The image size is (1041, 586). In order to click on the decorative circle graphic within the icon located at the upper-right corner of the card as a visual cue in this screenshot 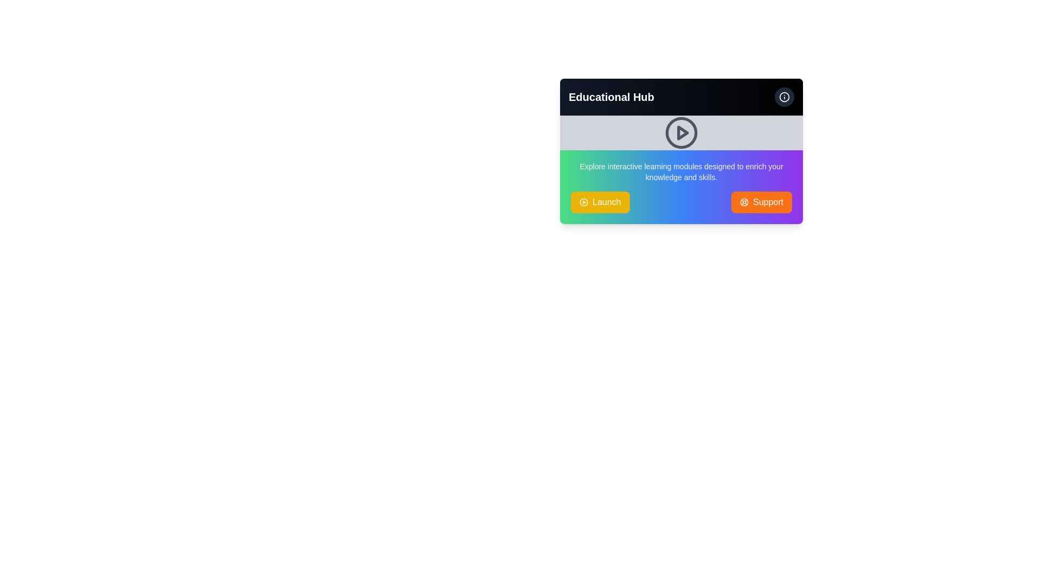, I will do `click(784, 96)`.